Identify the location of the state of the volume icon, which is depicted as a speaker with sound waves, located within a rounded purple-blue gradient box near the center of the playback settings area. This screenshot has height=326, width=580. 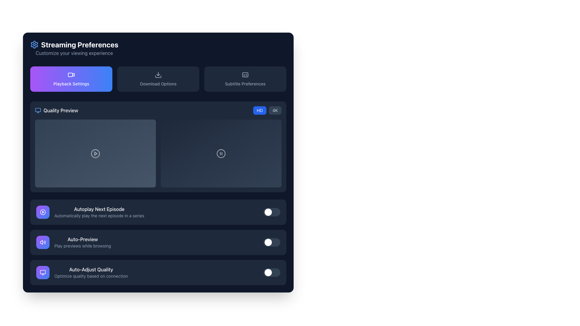
(43, 242).